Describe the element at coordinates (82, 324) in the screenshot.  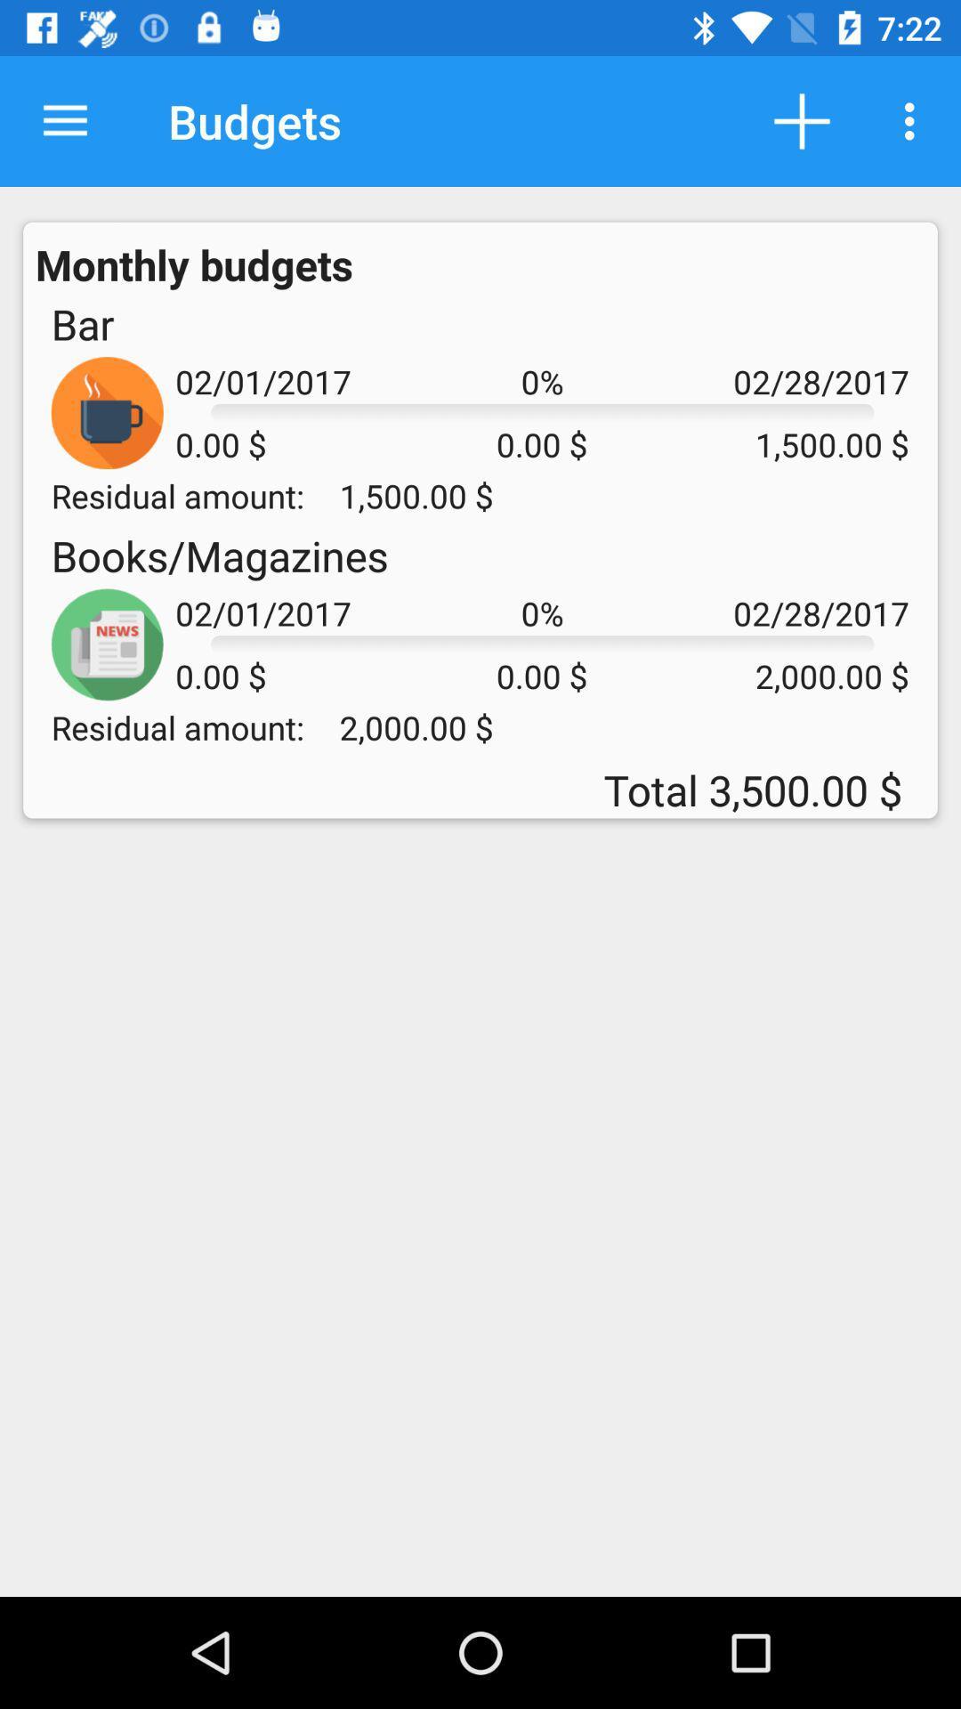
I see `icon next to 02/01/2017 item` at that location.